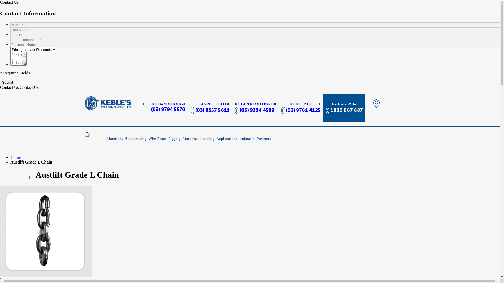 This screenshot has height=283, width=504. What do you see at coordinates (301, 108) in the screenshot?
I see `'KT KILSYTH` at bounding box center [301, 108].